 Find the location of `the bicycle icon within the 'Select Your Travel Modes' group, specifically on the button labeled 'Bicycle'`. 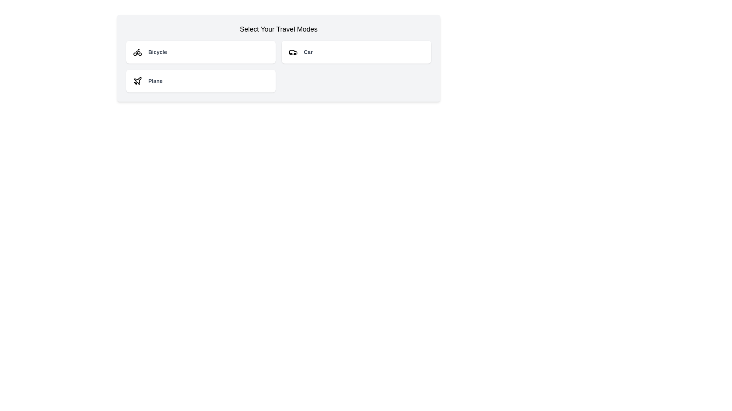

the bicycle icon within the 'Select Your Travel Modes' group, specifically on the button labeled 'Bicycle' is located at coordinates (137, 52).